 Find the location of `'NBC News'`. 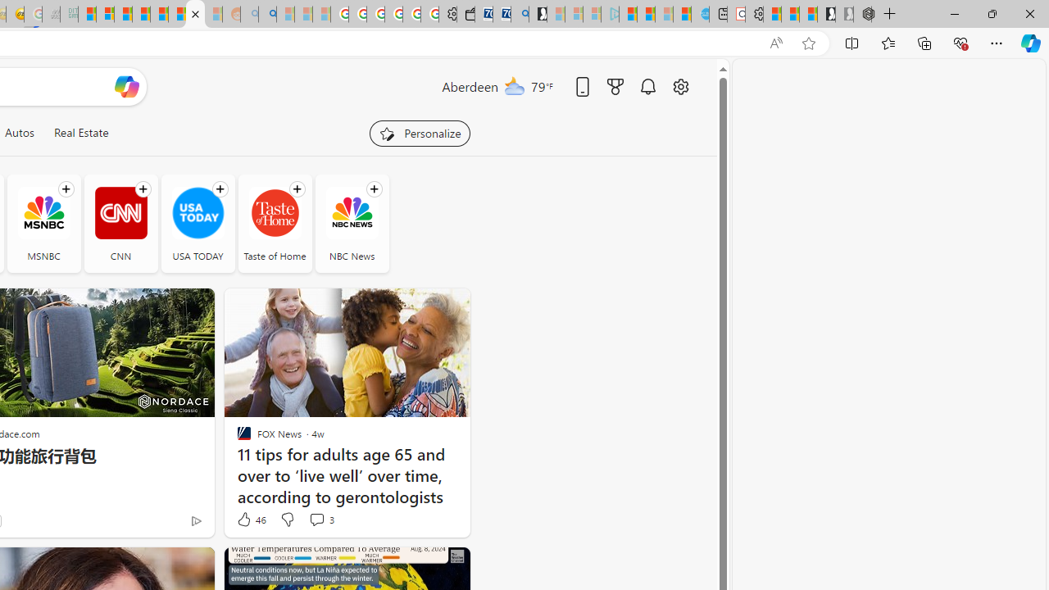

'NBC News' is located at coordinates (351, 223).